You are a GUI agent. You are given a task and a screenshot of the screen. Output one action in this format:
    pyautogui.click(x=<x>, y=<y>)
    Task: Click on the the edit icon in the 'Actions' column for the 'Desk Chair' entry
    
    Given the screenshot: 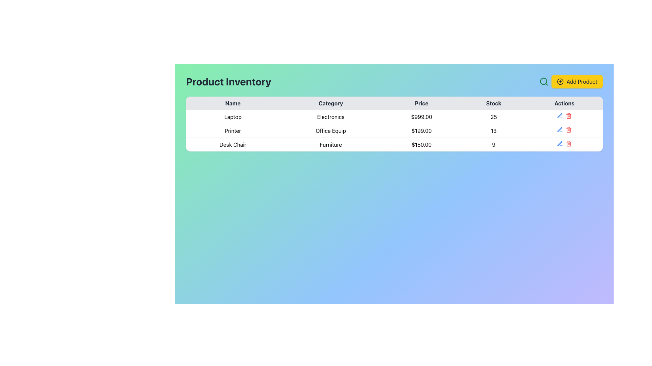 What is the action you would take?
    pyautogui.click(x=560, y=129)
    